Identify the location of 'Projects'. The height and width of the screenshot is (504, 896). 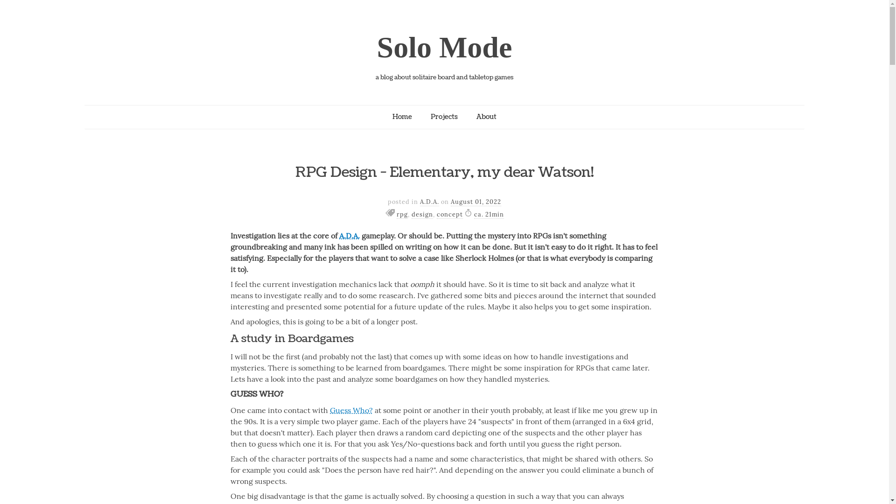
(443, 116).